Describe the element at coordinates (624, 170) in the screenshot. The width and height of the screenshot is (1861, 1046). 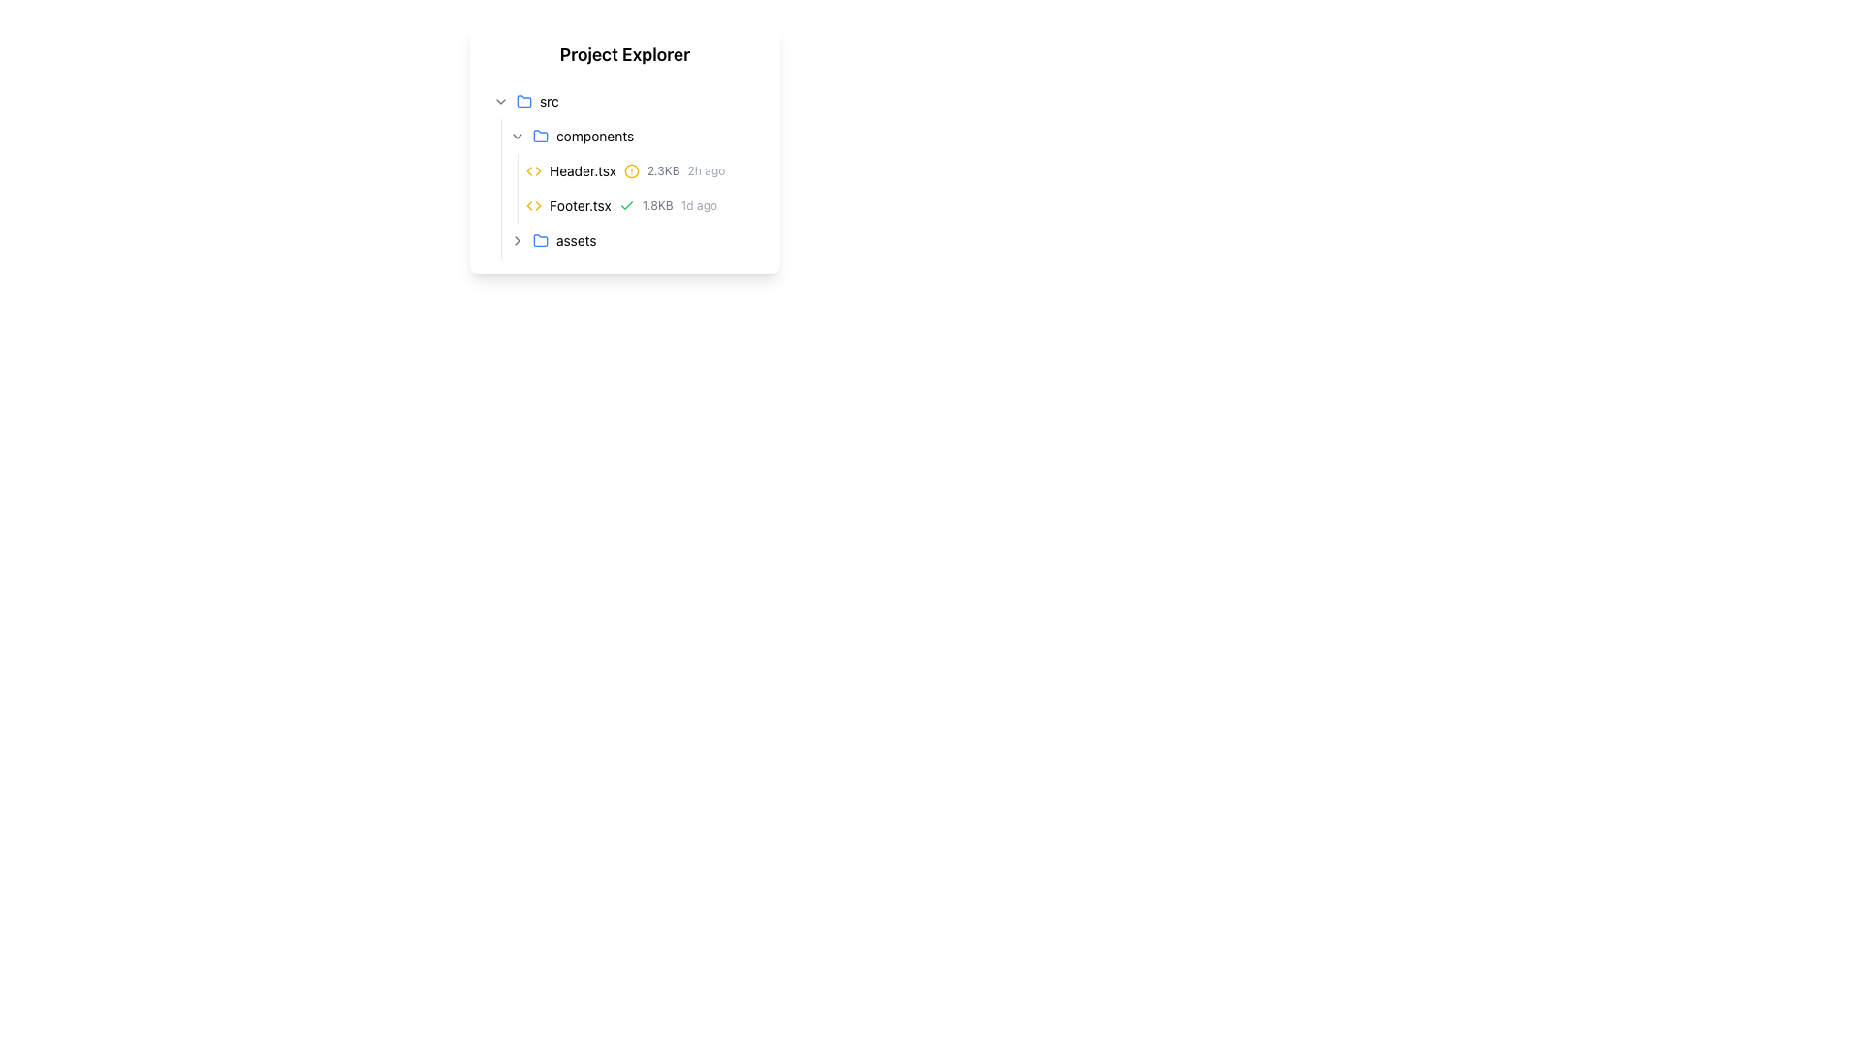
I see `the individual file or folder names in the vertical list or tree view located within the 'Project Explorer' section` at that location.